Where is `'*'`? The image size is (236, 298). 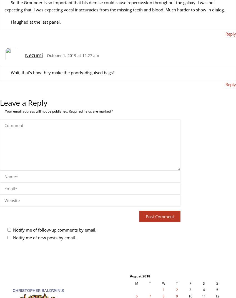 '*' is located at coordinates (111, 111).